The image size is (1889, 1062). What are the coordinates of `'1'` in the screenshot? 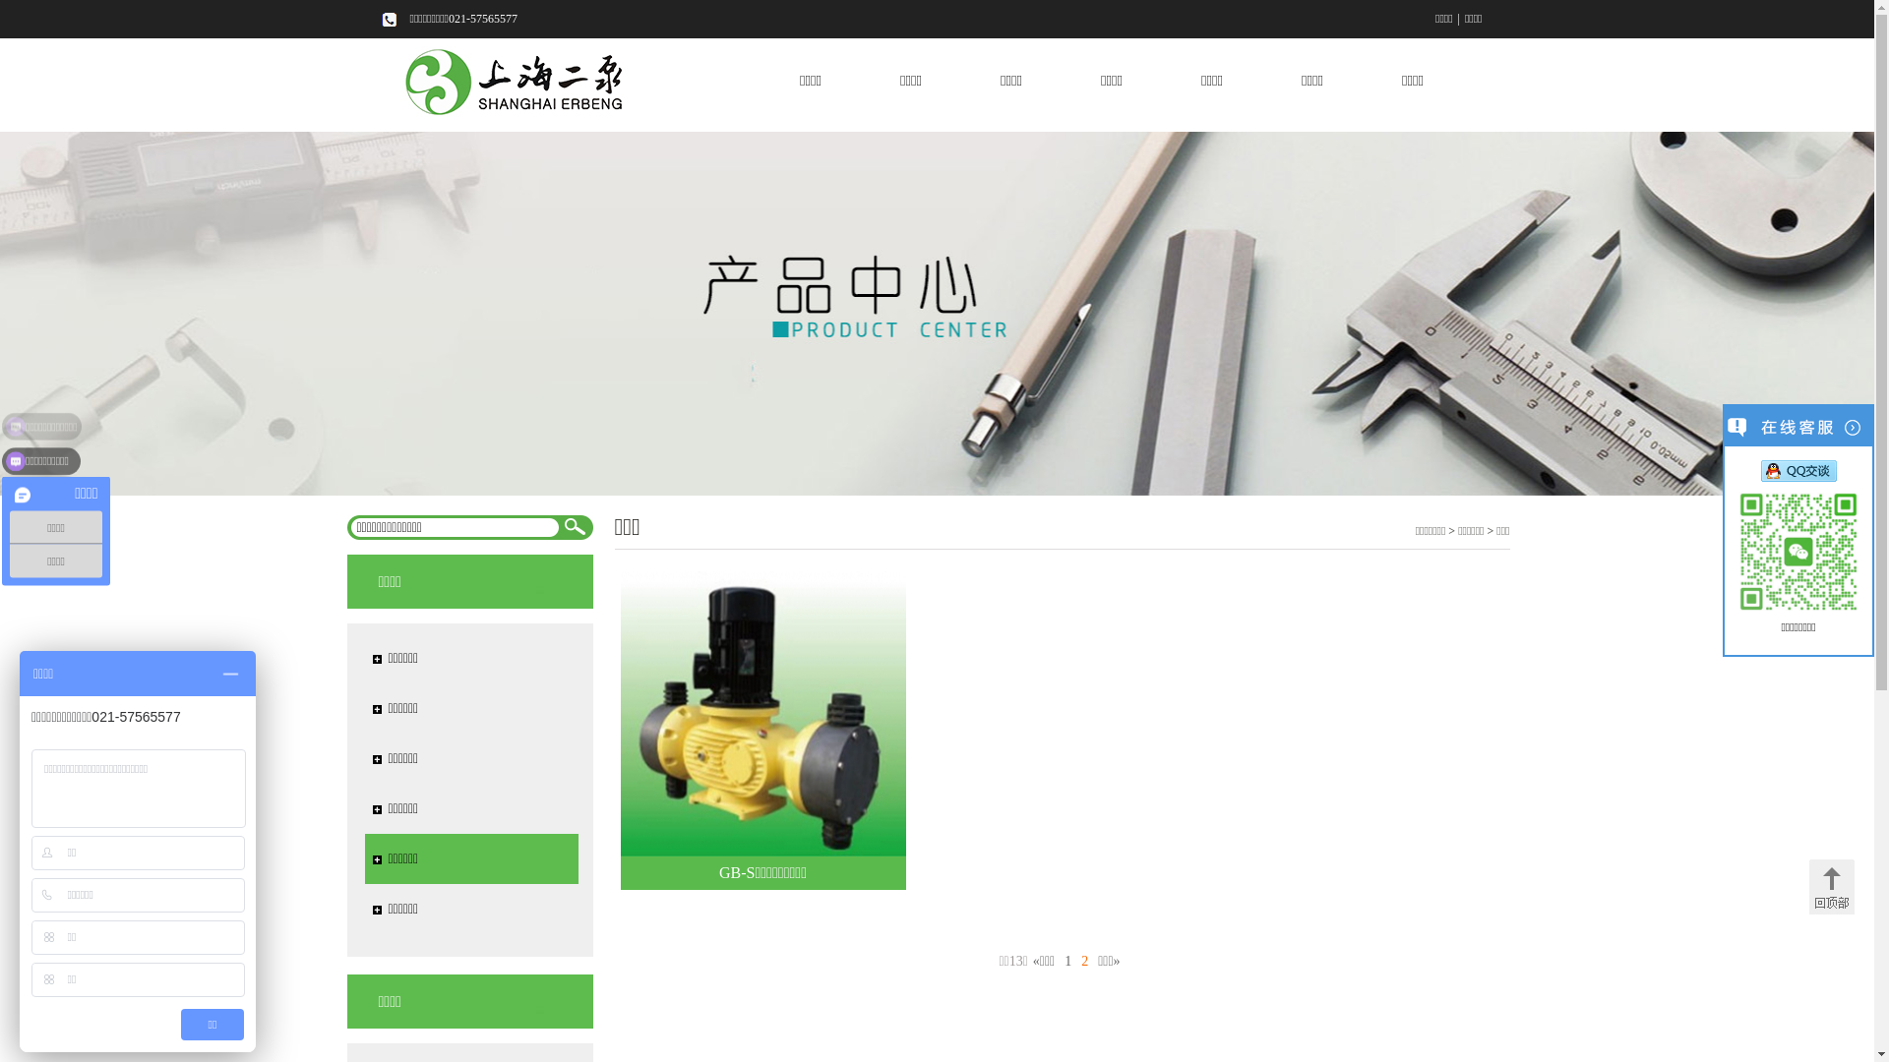 It's located at (1066, 960).